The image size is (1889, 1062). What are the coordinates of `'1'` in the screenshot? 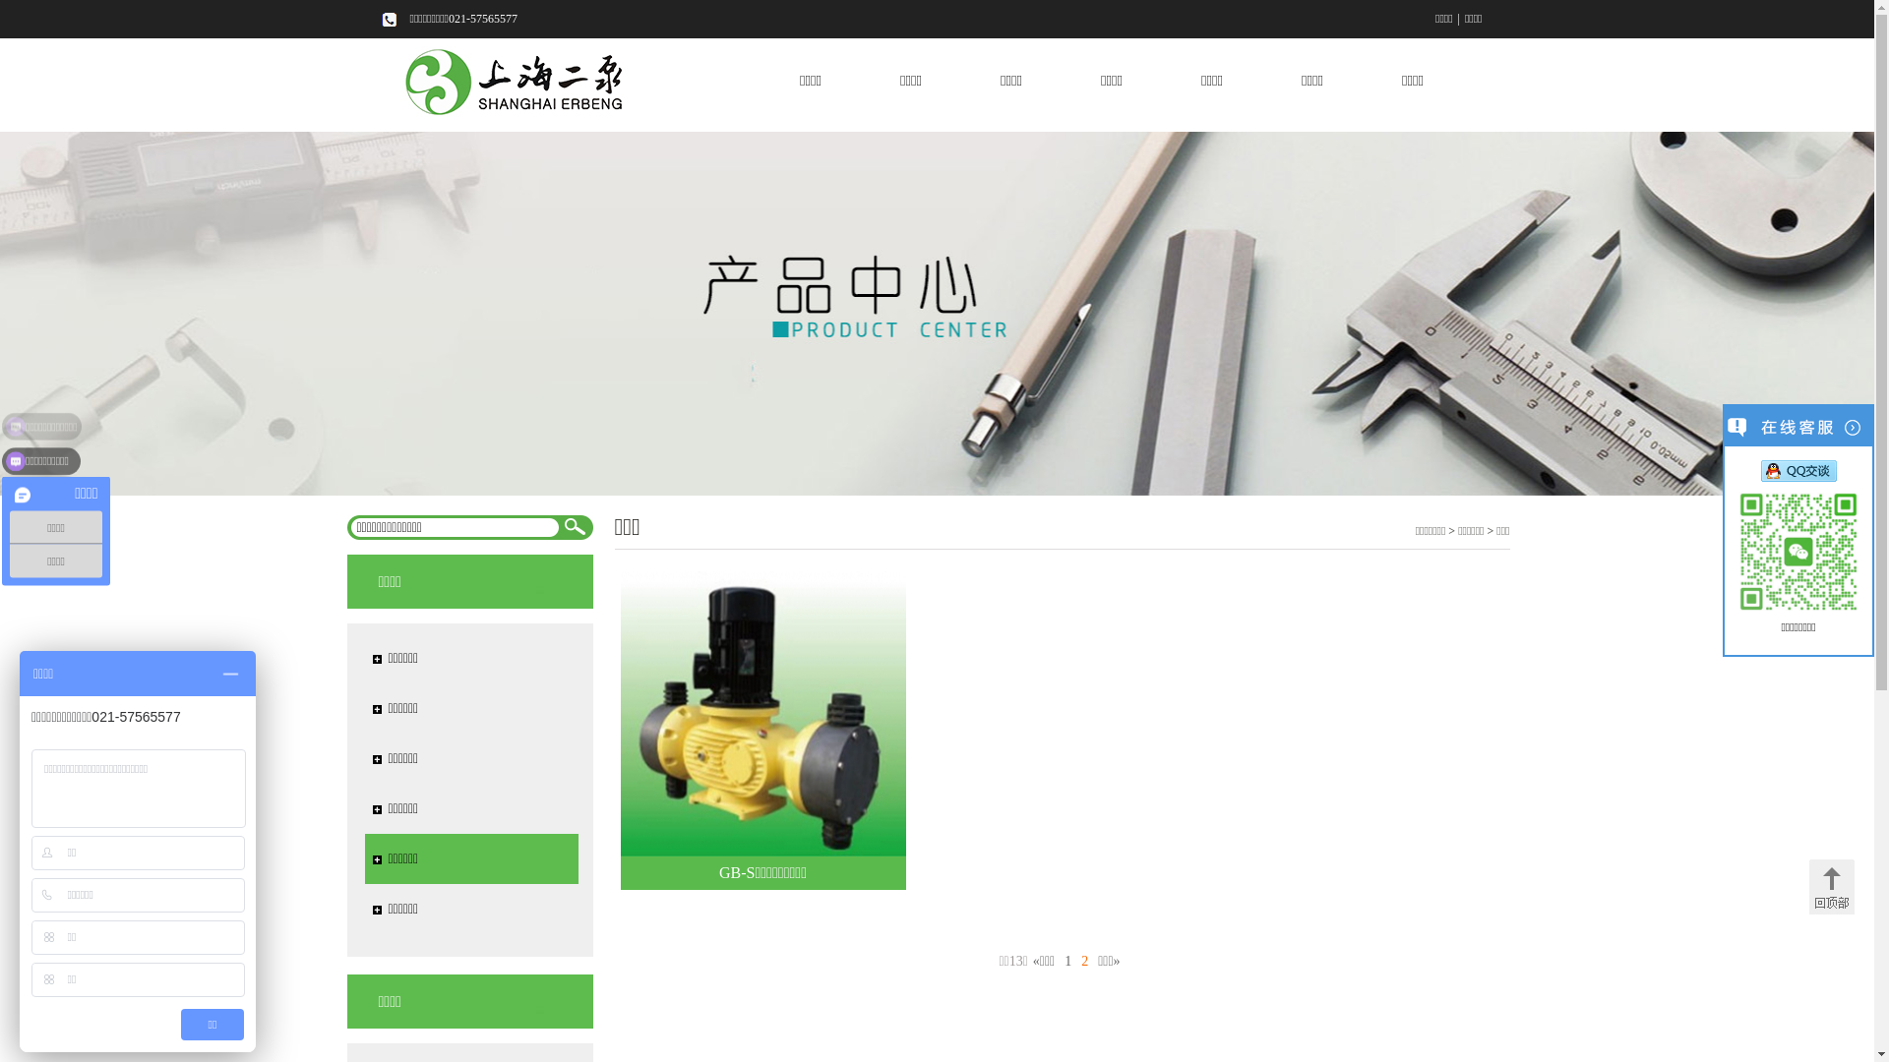 It's located at (1066, 960).